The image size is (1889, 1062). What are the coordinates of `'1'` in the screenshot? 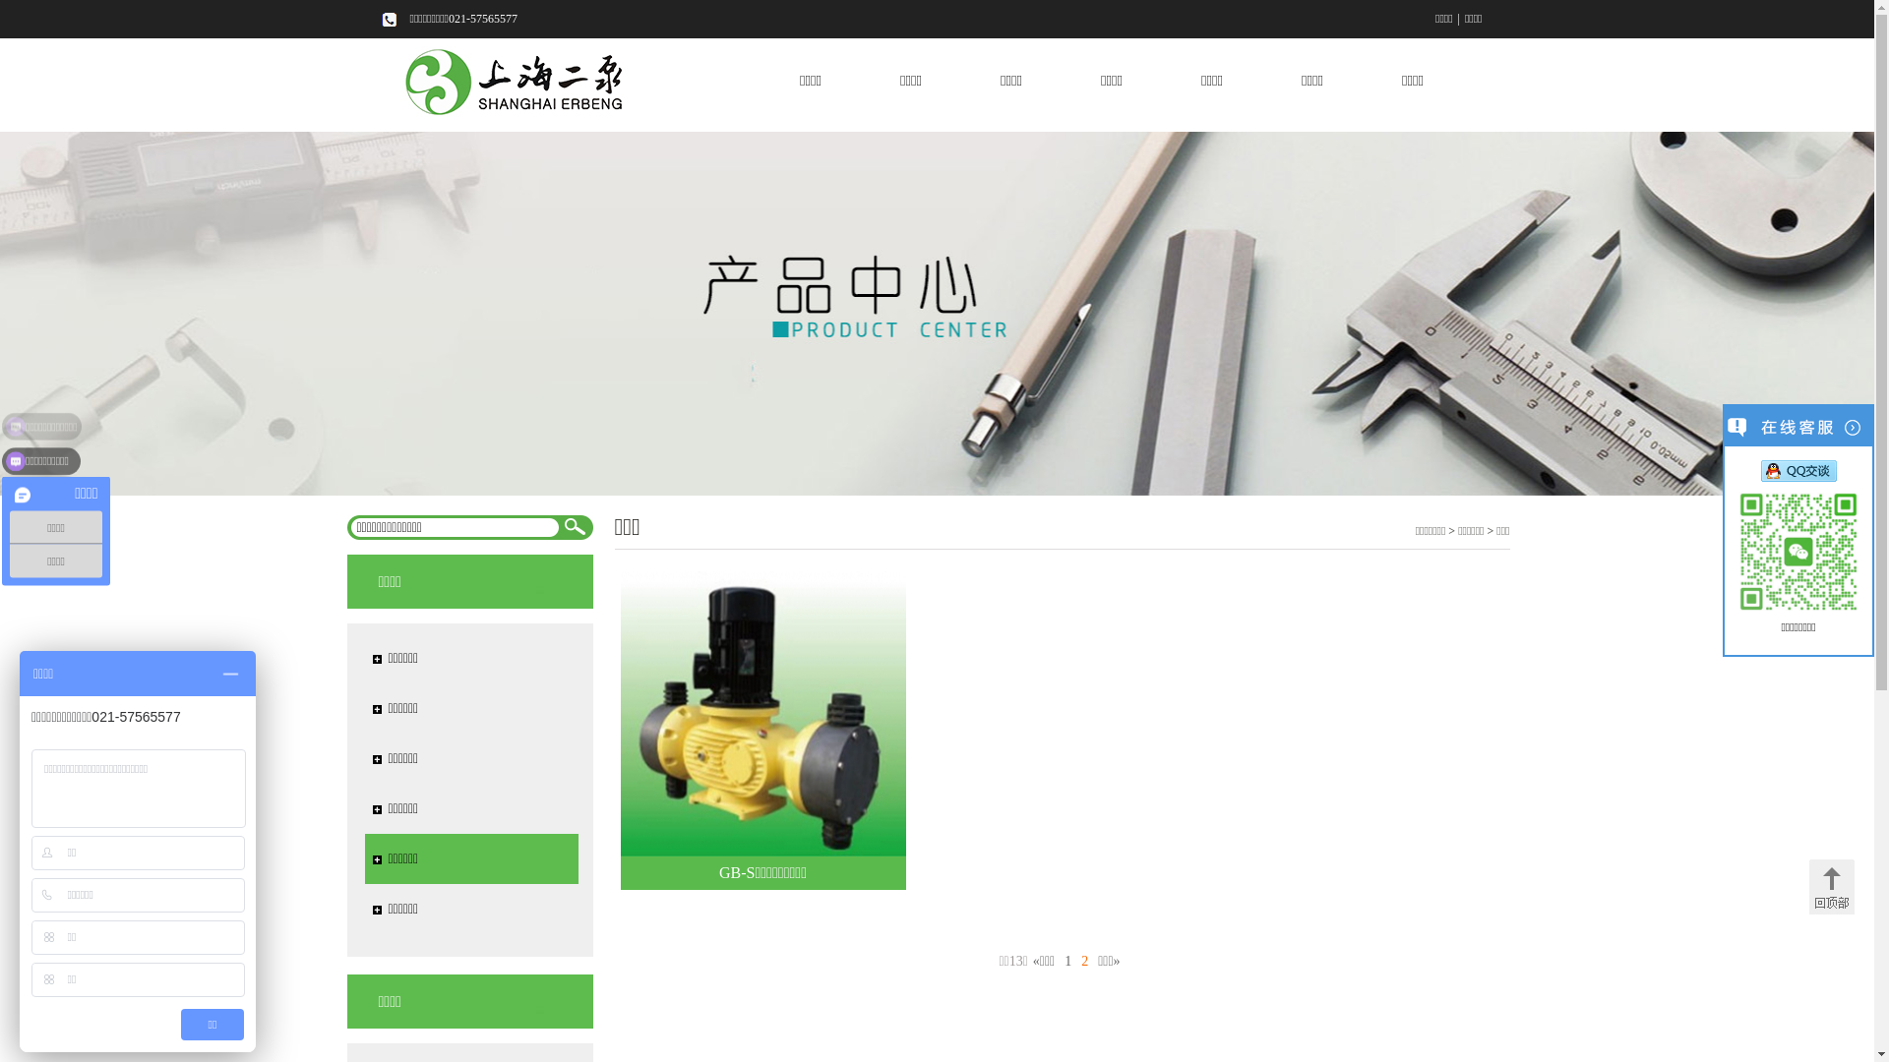 It's located at (1066, 960).